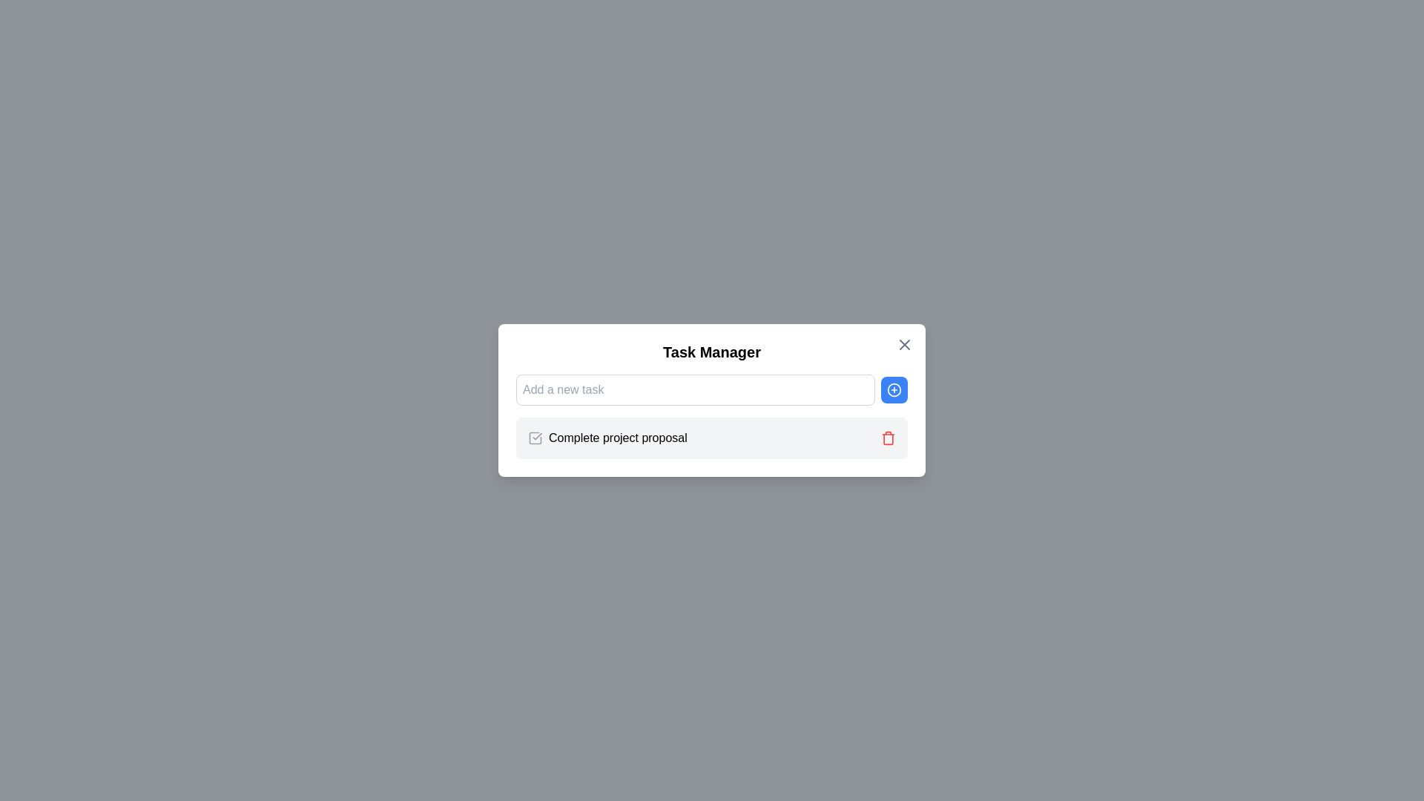 This screenshot has height=801, width=1424. I want to click on the 'Add a new task' button located near the top-right corner of the task addition bar in the 'Task Manager' dialog, so click(893, 389).